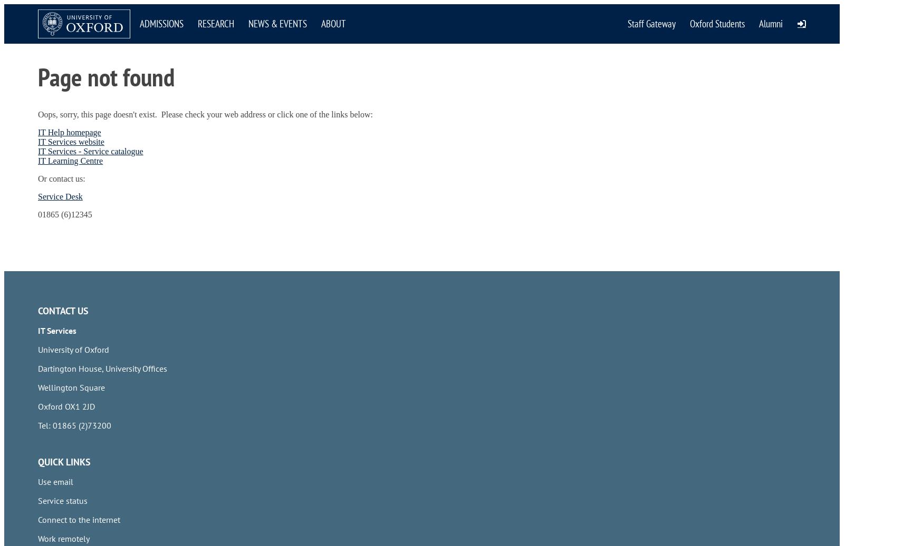 This screenshot has width=903, height=546. I want to click on 'Searchable map', so click(66, 255).